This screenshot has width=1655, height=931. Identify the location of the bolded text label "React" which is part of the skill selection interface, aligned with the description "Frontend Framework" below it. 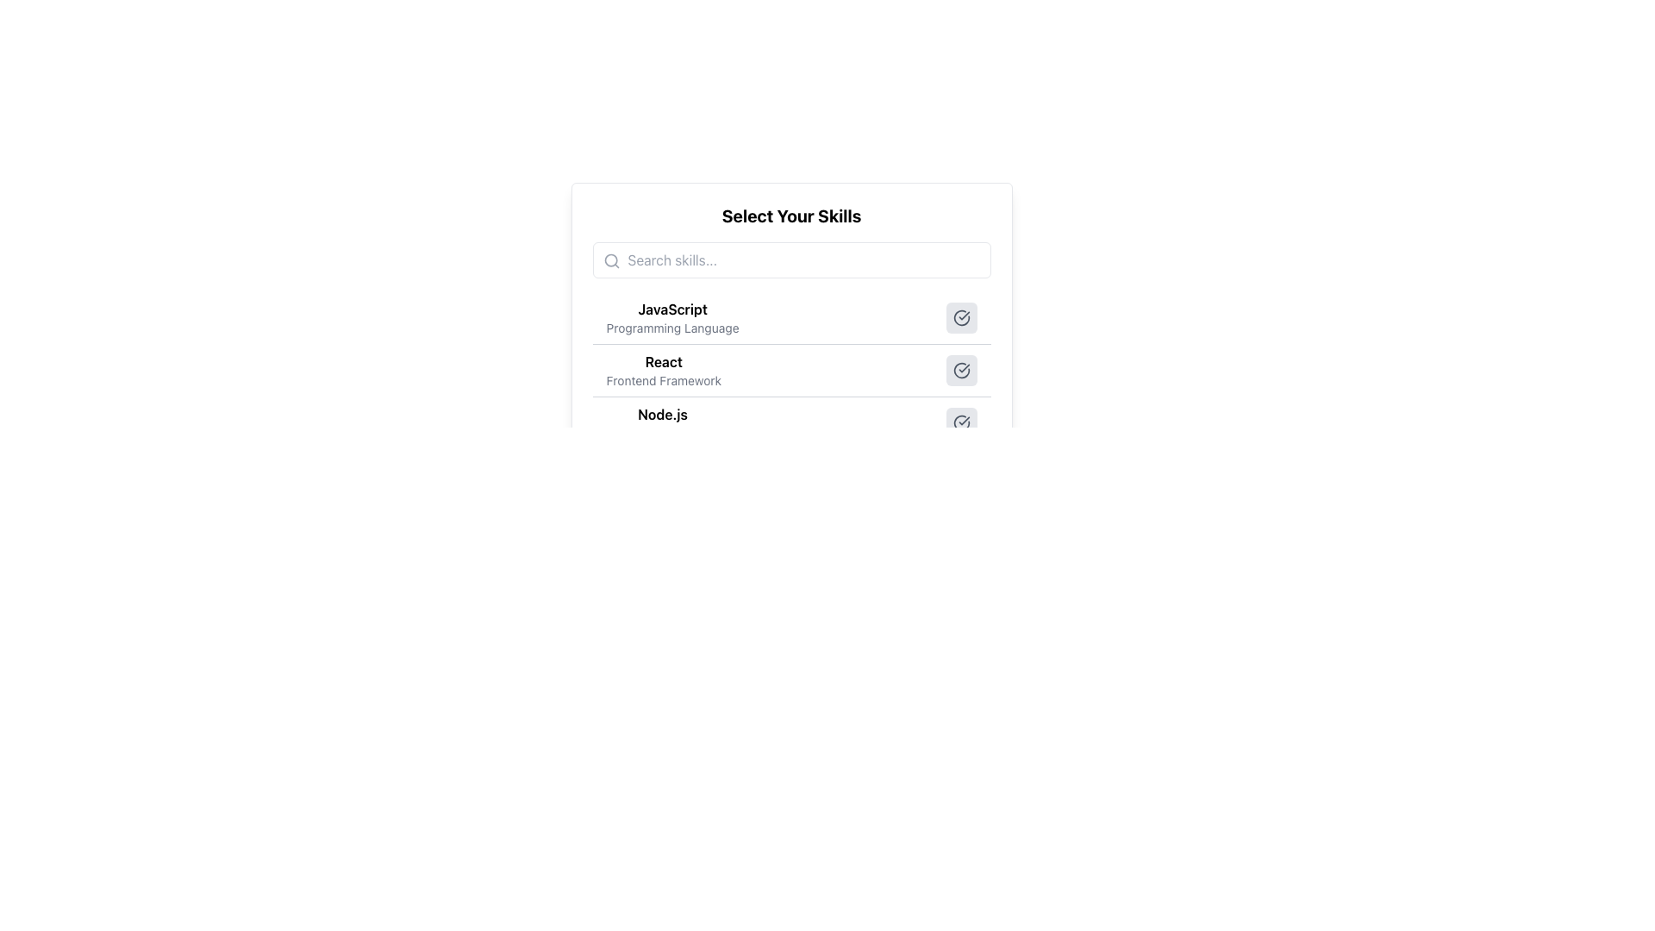
(663, 361).